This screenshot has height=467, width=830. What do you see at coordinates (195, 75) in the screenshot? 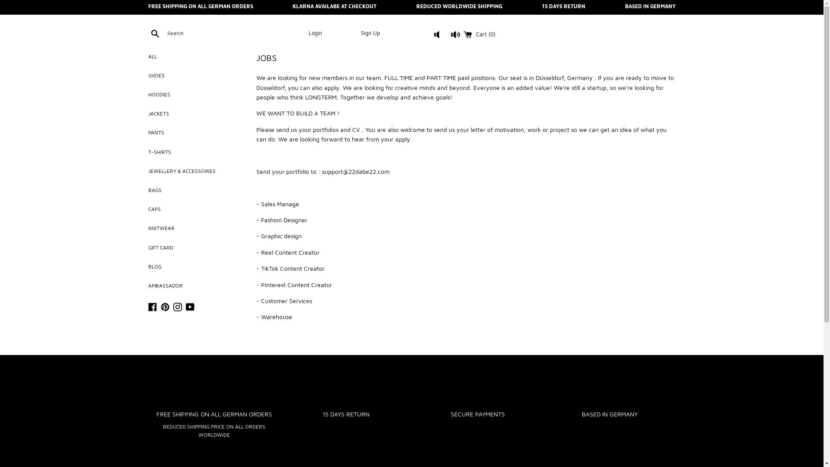
I see `'SHOES'` at bounding box center [195, 75].